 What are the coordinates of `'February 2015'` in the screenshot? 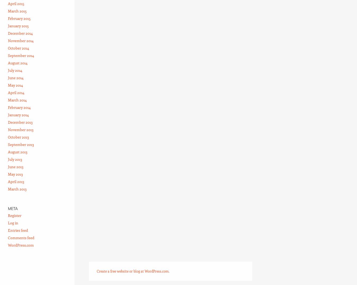 It's located at (7, 18).